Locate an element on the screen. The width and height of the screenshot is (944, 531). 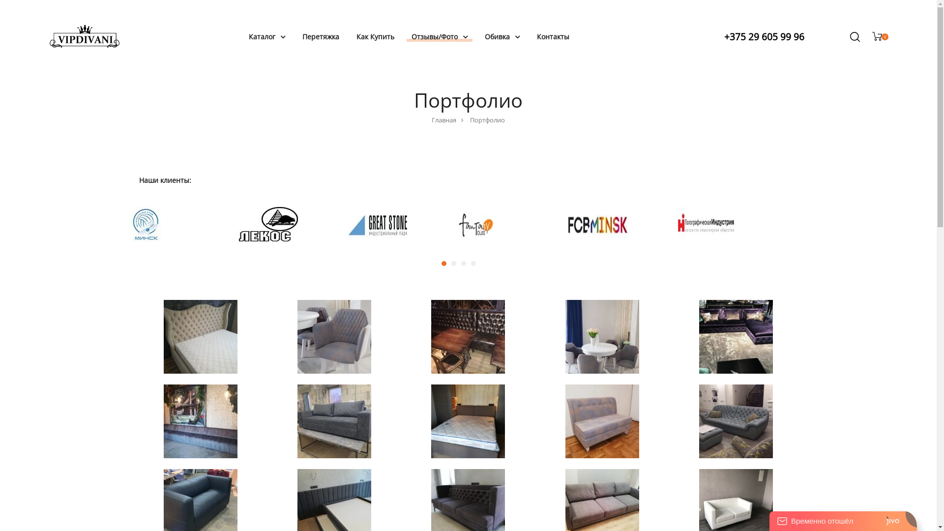
'+375 29 605 99 96' is located at coordinates (764, 36).